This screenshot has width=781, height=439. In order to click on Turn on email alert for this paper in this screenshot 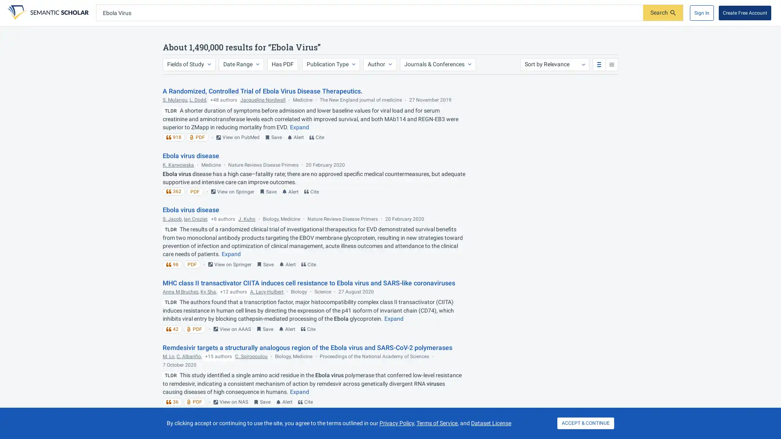, I will do `click(284, 401)`.